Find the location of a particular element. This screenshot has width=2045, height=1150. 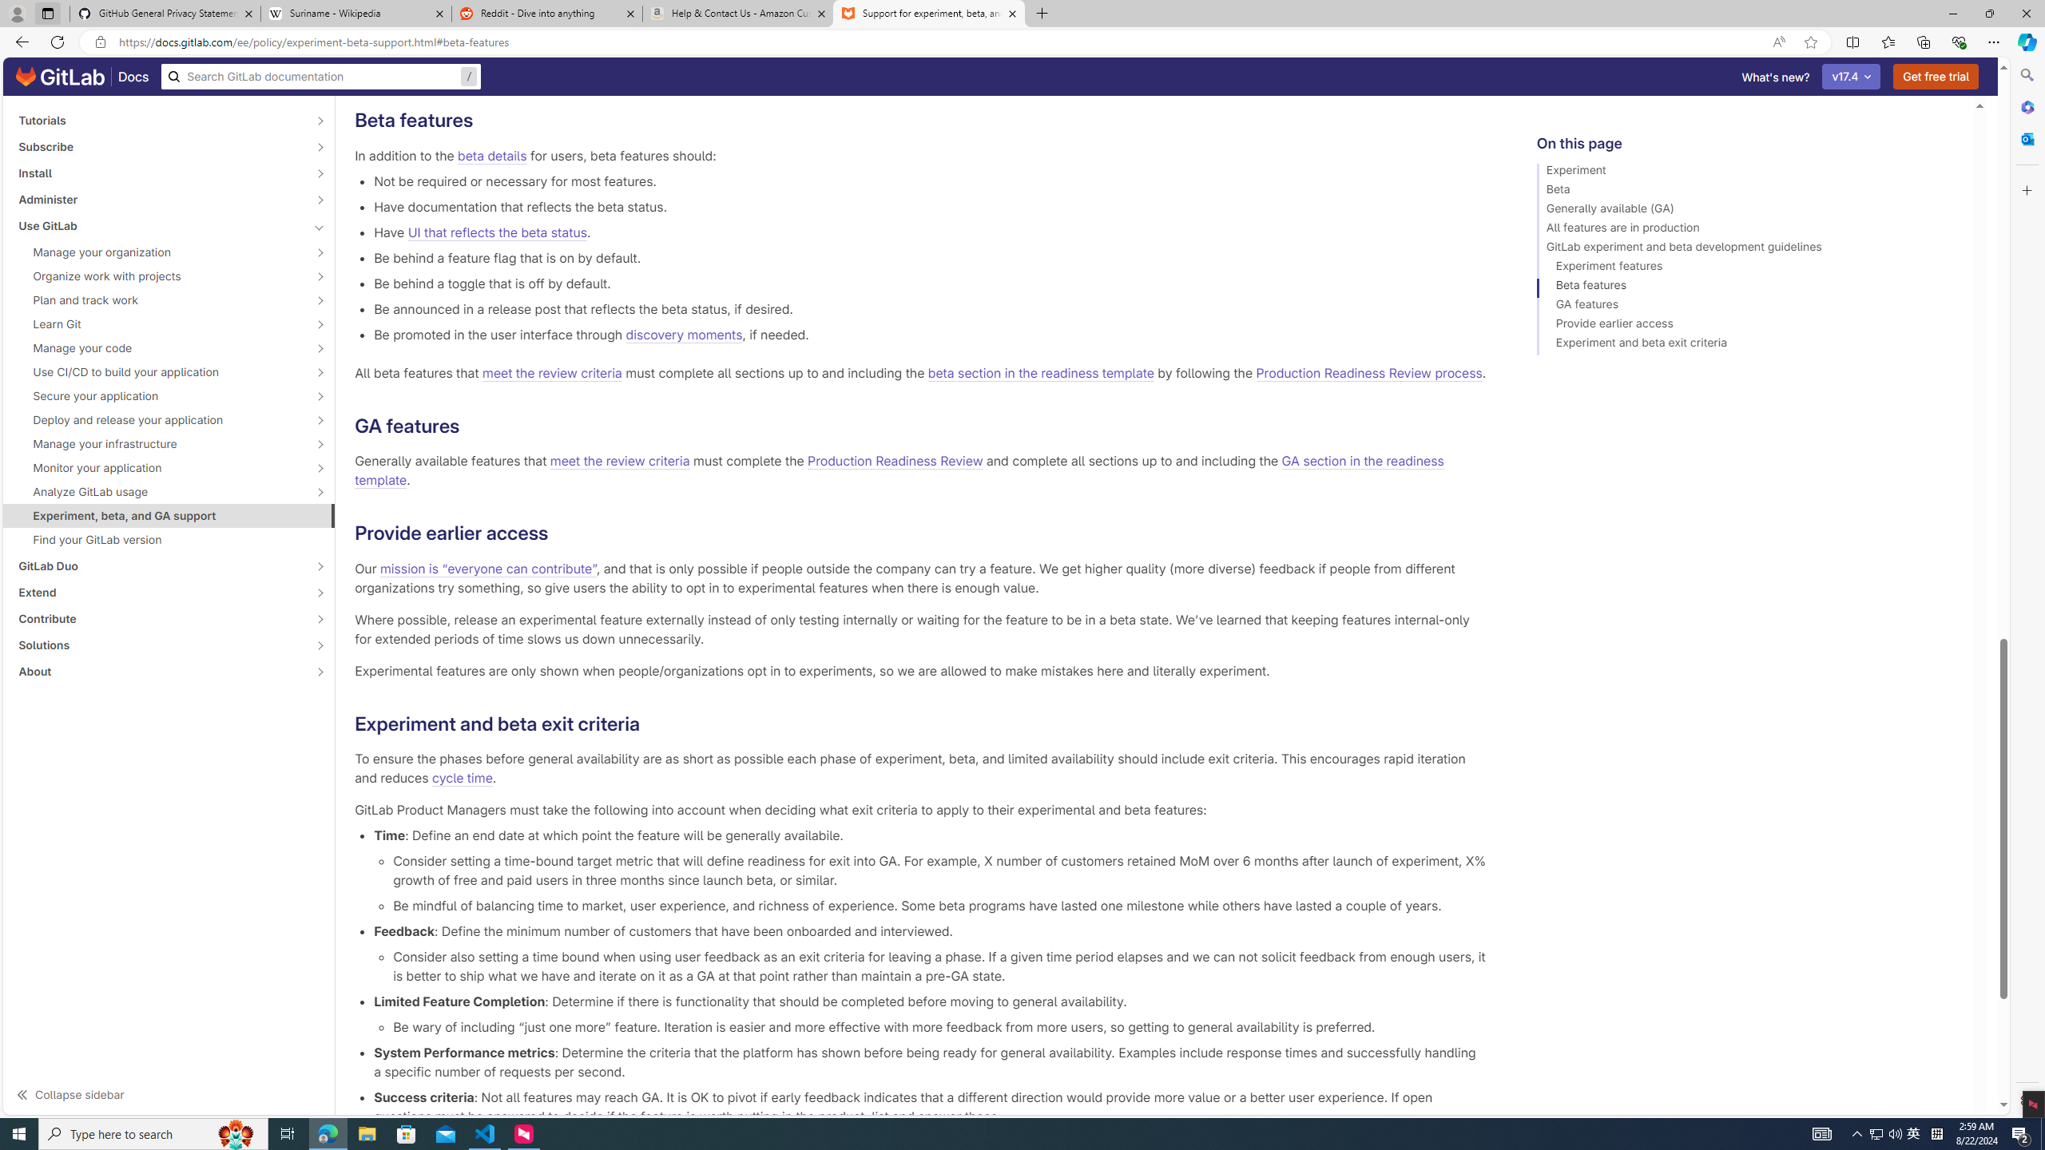

'All features are in production' is located at coordinates (1748, 229).